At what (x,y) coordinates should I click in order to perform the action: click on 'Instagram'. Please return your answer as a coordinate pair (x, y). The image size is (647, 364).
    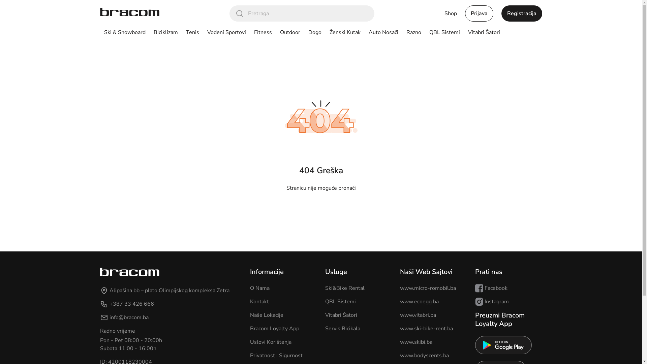
    Looking at the image, I should click on (492, 301).